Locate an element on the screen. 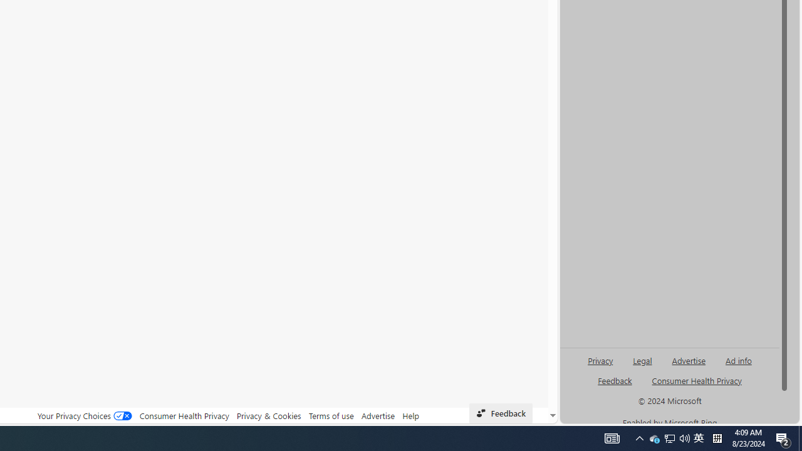 The width and height of the screenshot is (802, 451). 'Terms of use' is located at coordinates (331, 415).